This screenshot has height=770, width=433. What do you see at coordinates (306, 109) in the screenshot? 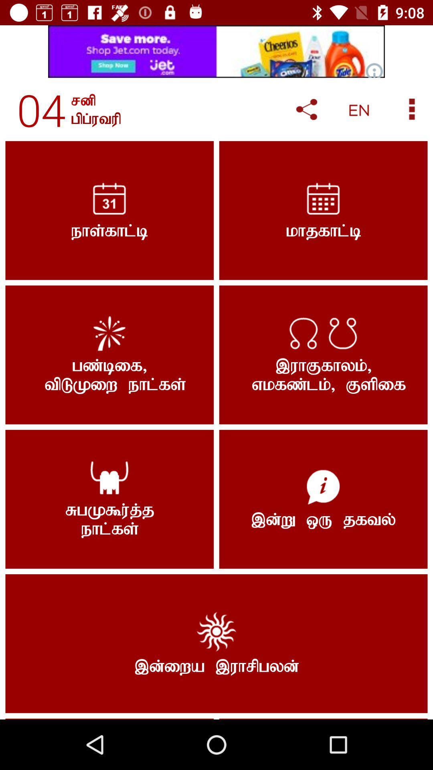
I see `share` at bounding box center [306, 109].